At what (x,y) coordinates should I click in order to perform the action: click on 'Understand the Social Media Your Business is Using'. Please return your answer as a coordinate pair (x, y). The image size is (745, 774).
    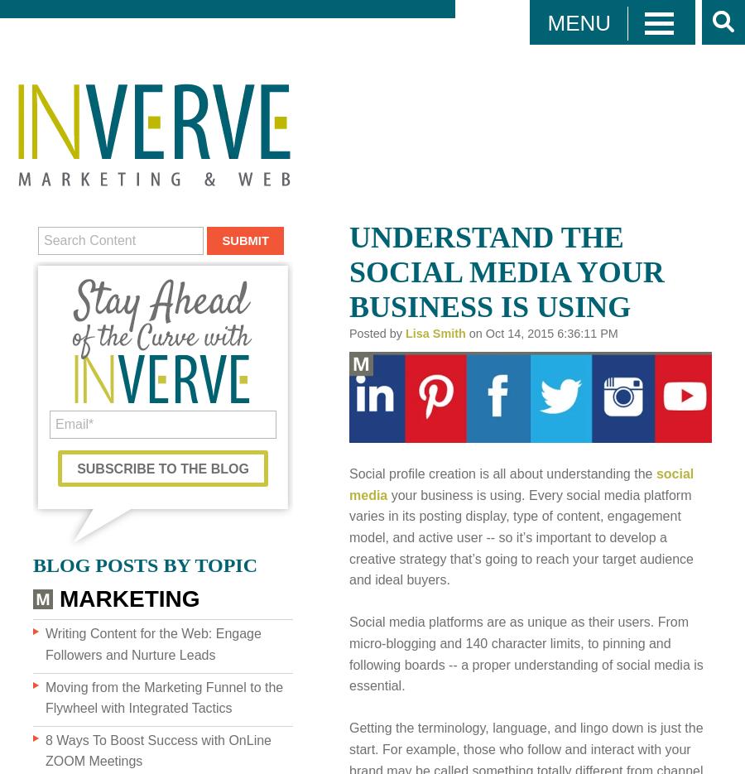
    Looking at the image, I should click on (507, 272).